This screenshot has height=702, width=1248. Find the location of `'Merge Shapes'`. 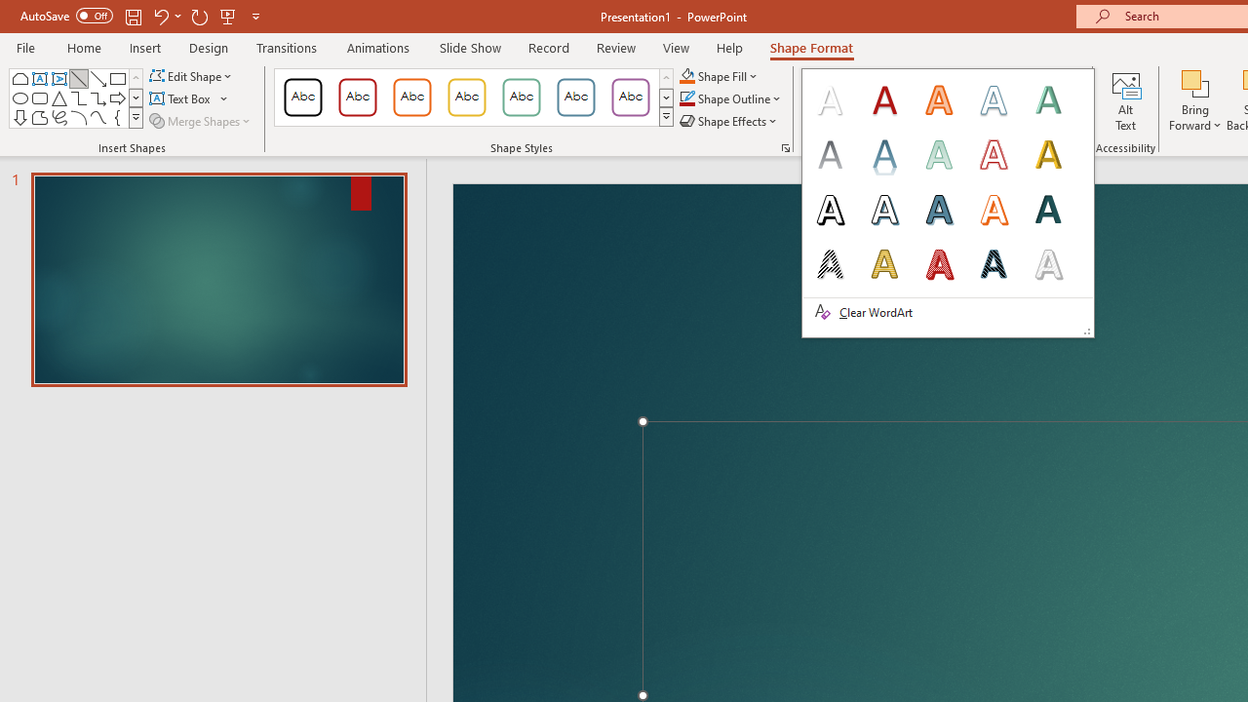

'Merge Shapes' is located at coordinates (201, 121).